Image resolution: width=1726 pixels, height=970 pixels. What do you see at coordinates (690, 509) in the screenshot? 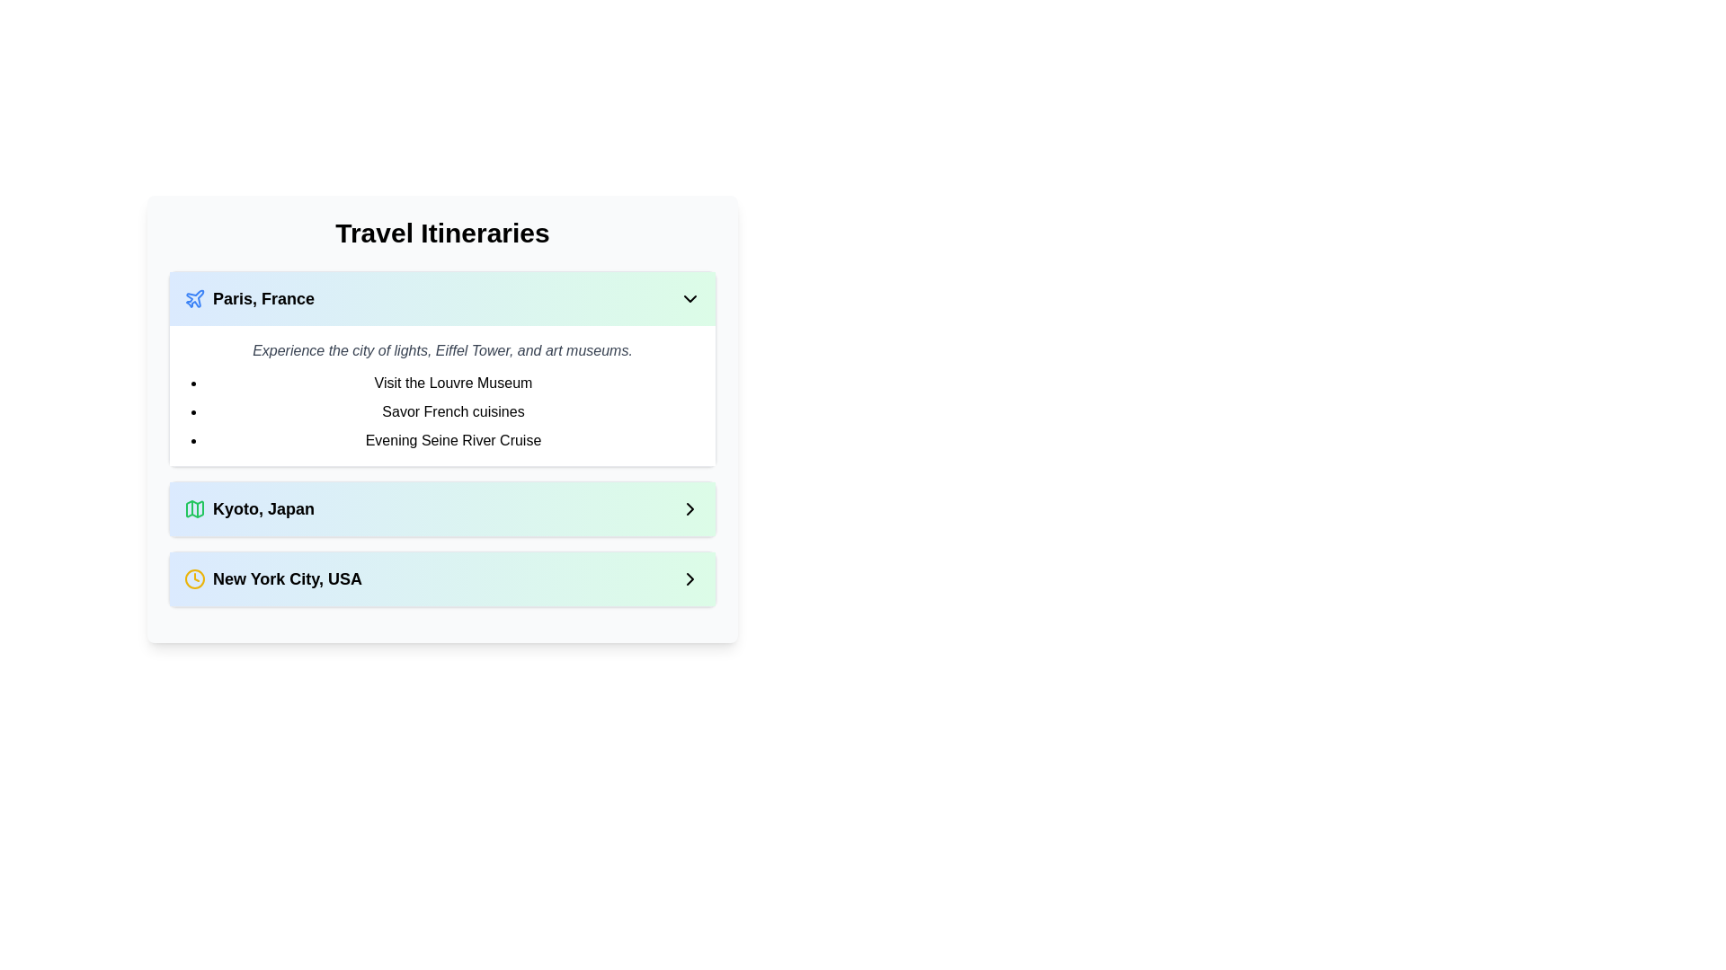
I see `the right-facing chevron icon located at the far right of the 'Kyoto, Japan' entry in the 'Travel Itineraries' interface to proceed with the selection` at bounding box center [690, 509].